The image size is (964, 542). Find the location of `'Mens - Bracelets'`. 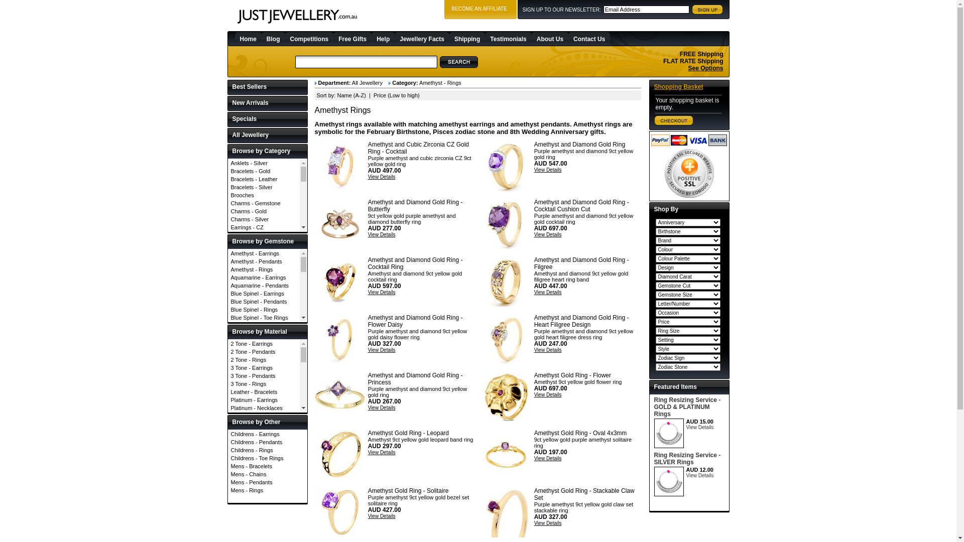

'Mens - Bracelets' is located at coordinates (267, 466).